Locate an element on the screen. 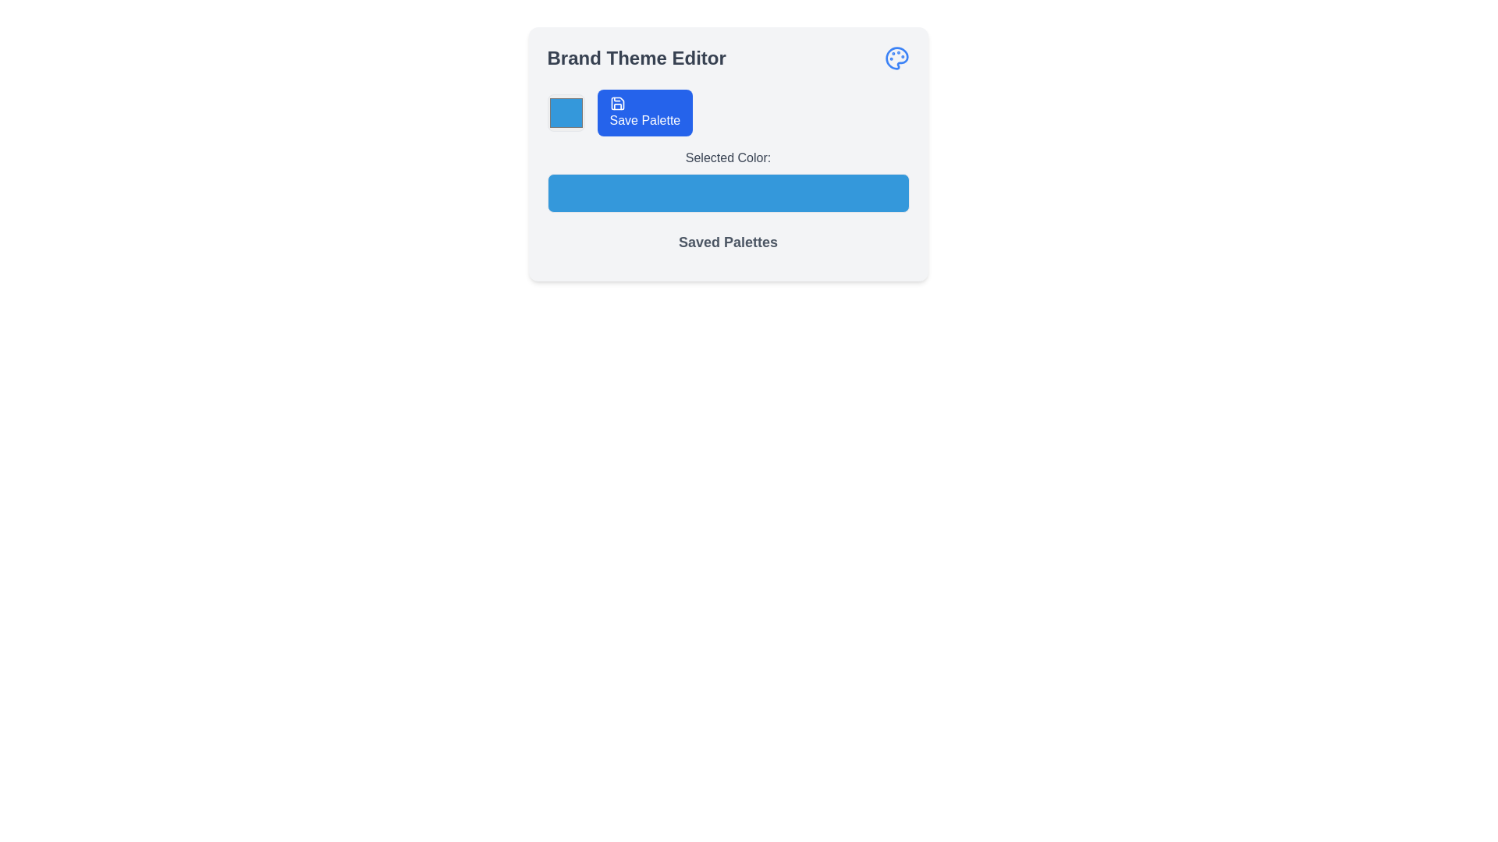 The width and height of the screenshot is (1498, 842). the rectangular button with a blue background and a floppy disk icon labeled 'Save Palette' to observe the hover effect is located at coordinates (644, 112).